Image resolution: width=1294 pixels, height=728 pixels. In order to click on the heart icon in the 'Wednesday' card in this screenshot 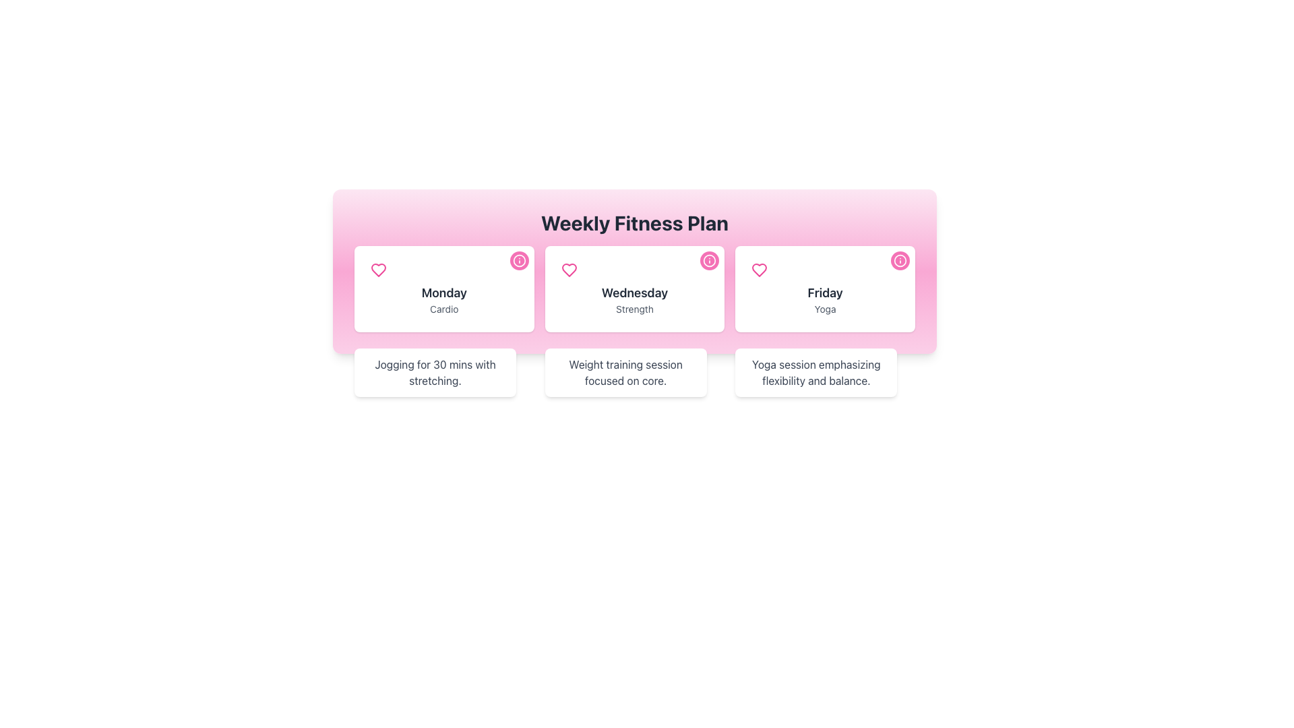, I will do `click(569, 270)`.